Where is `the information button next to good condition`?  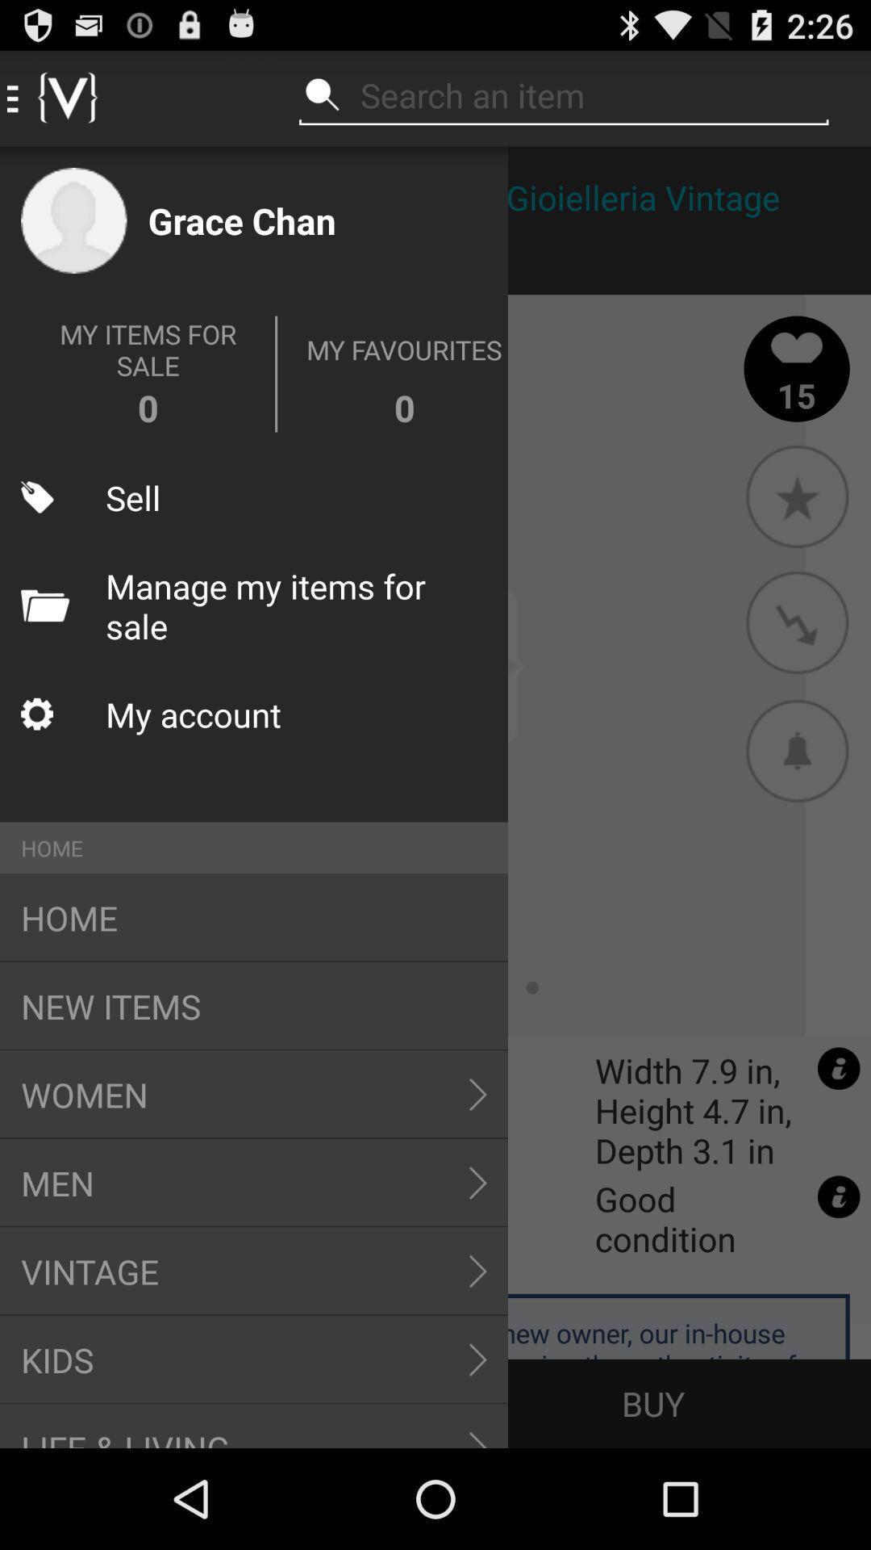
the information button next to good condition is located at coordinates (838, 1197).